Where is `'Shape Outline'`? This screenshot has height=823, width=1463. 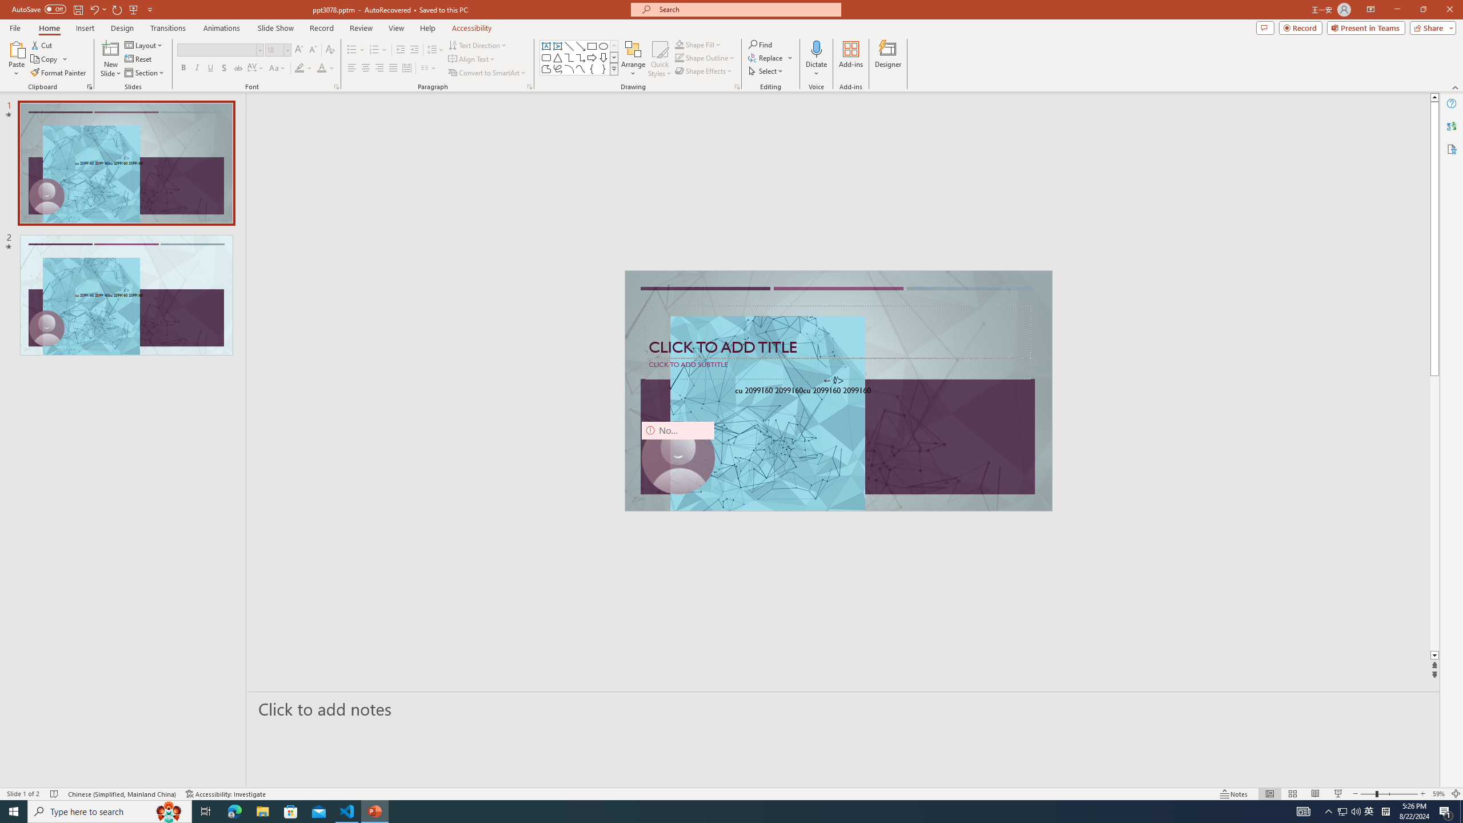
'Shape Outline' is located at coordinates (704, 57).